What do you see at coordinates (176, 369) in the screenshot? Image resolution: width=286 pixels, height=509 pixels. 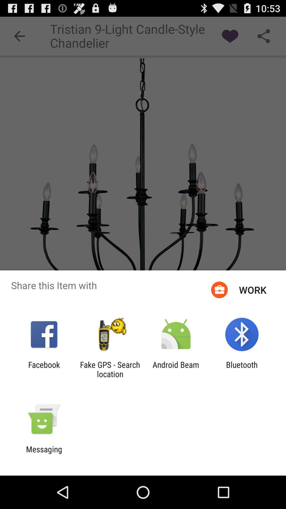 I see `item next to the bluetooth` at bounding box center [176, 369].